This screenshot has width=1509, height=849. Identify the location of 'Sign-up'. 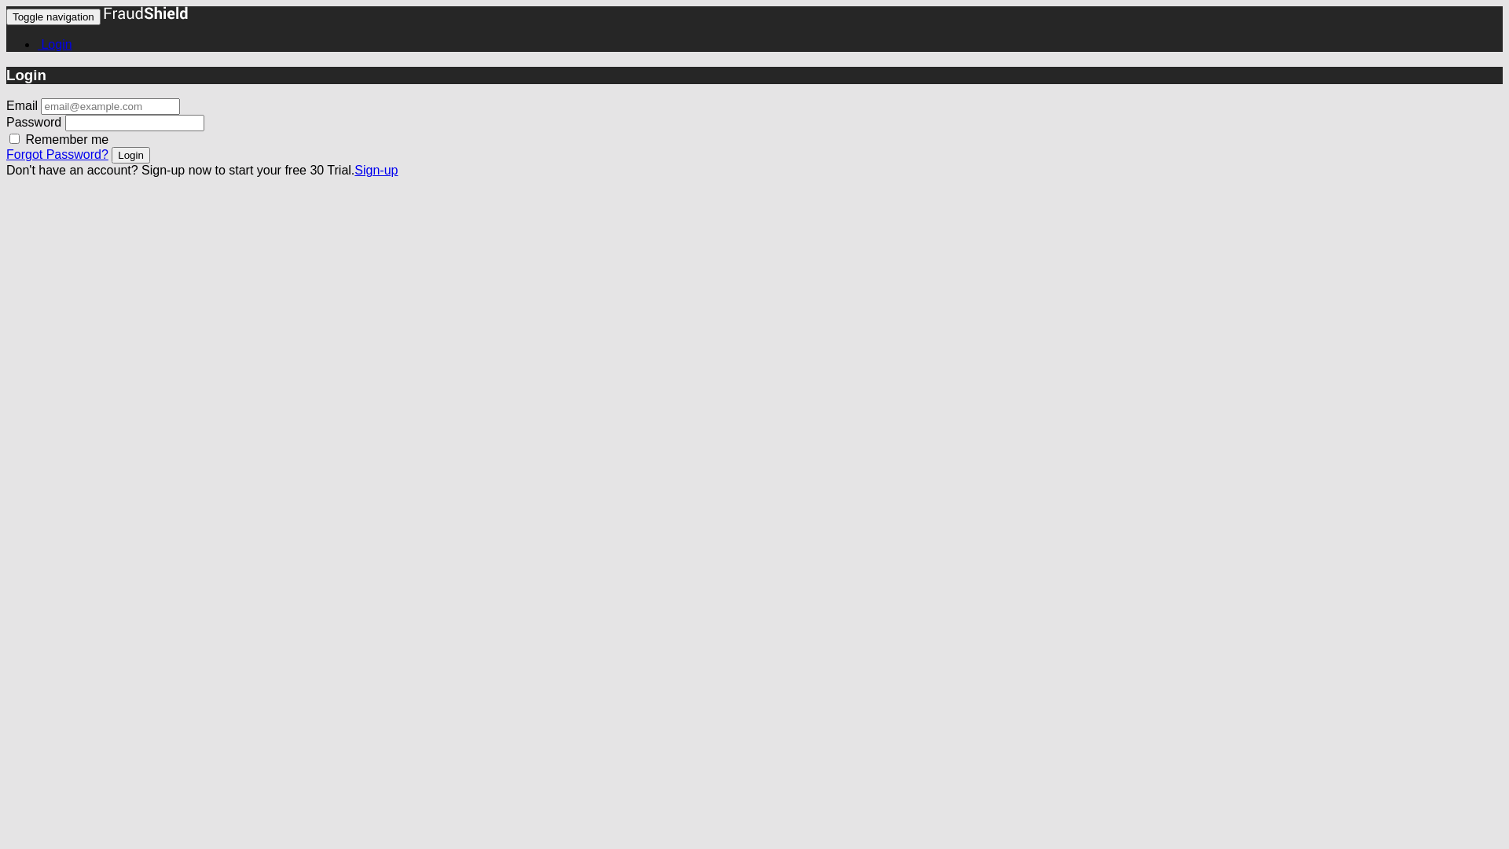
(375, 170).